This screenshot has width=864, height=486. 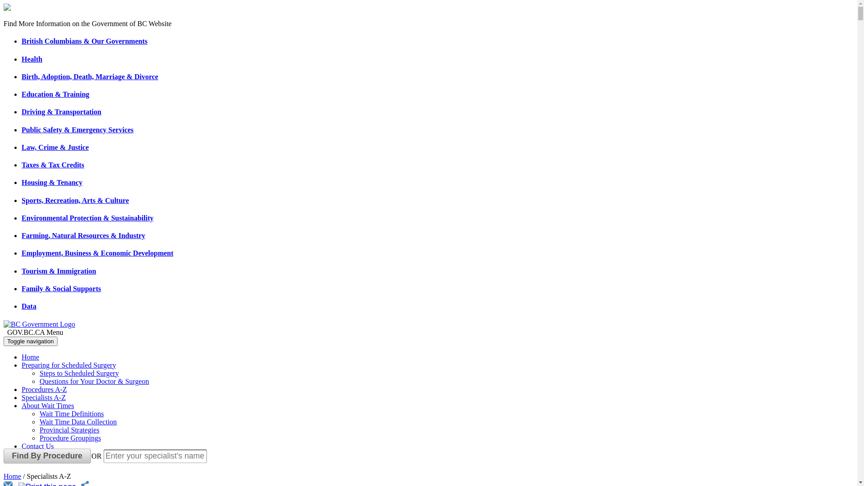 I want to click on 'Provincial Strategies', so click(x=69, y=429).